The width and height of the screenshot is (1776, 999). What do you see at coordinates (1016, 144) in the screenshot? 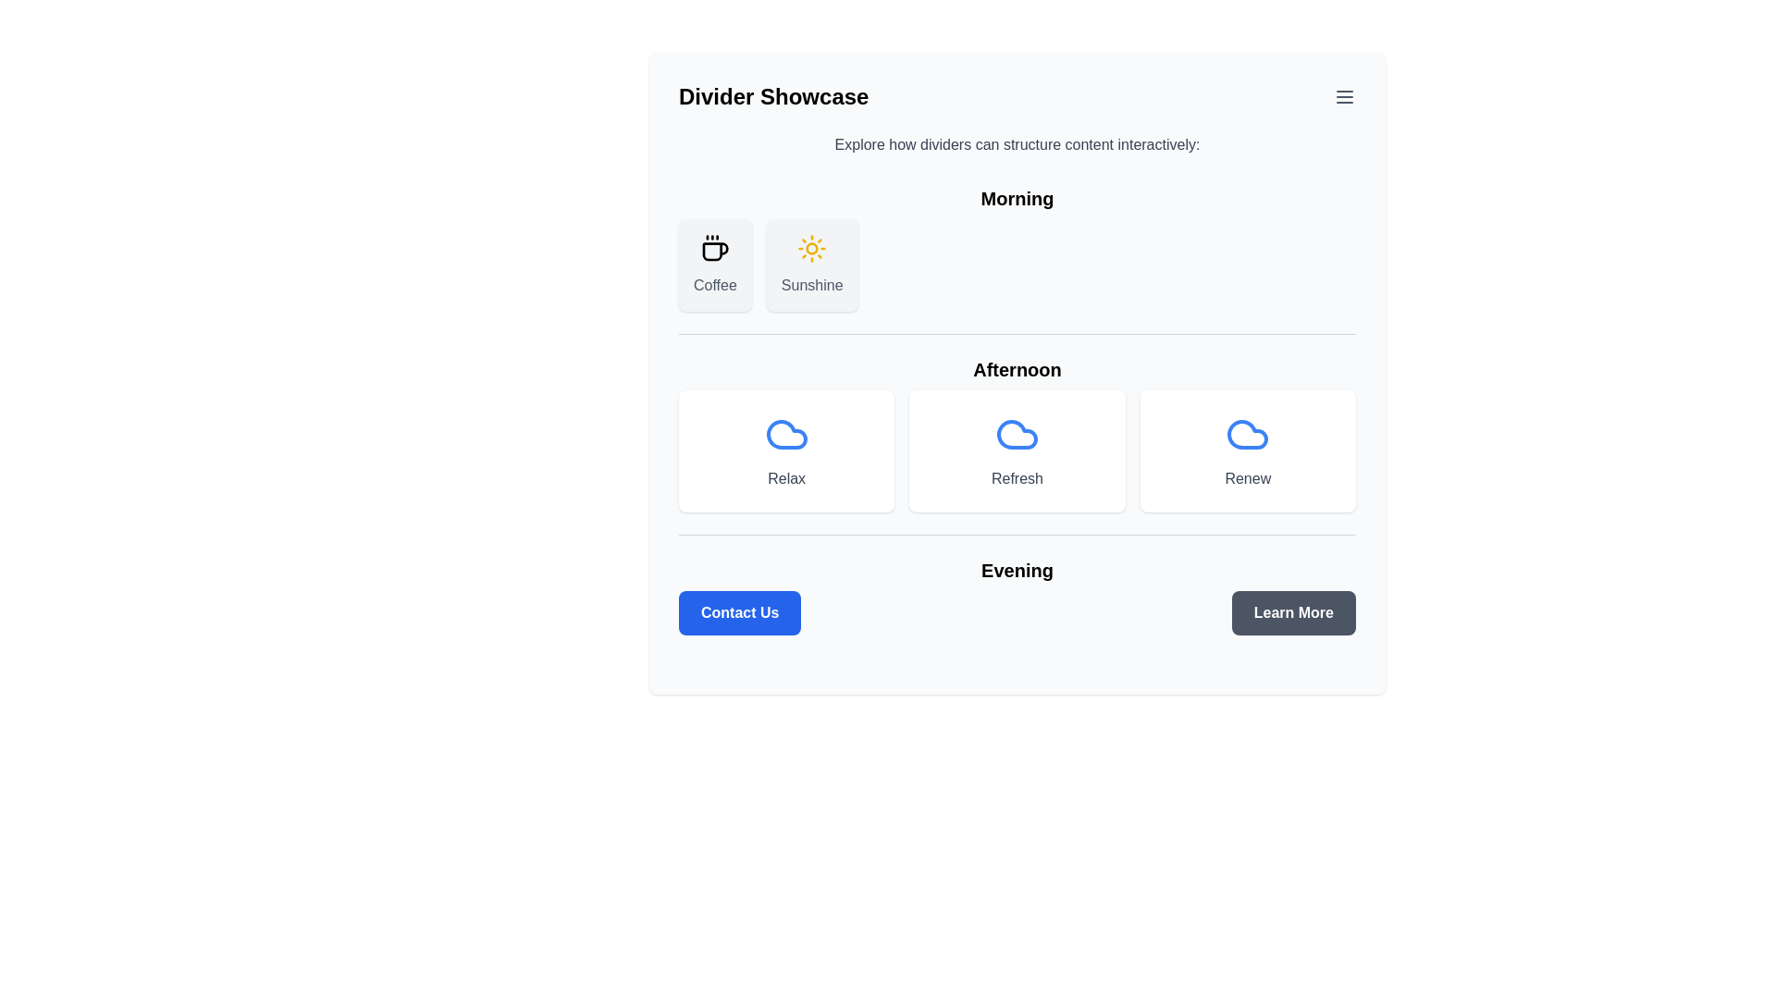
I see `the descriptive Text label located below the title 'Divider Showcase'` at bounding box center [1016, 144].